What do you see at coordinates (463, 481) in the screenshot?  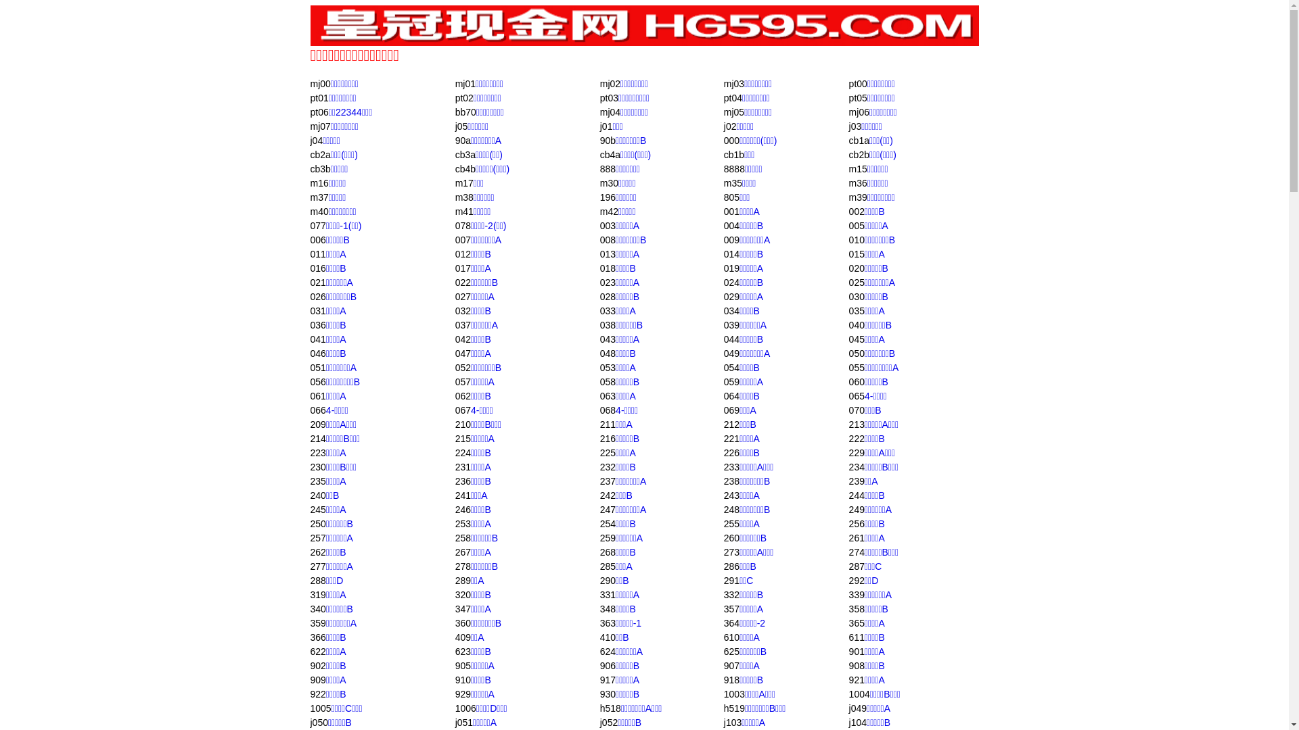 I see `'236'` at bounding box center [463, 481].